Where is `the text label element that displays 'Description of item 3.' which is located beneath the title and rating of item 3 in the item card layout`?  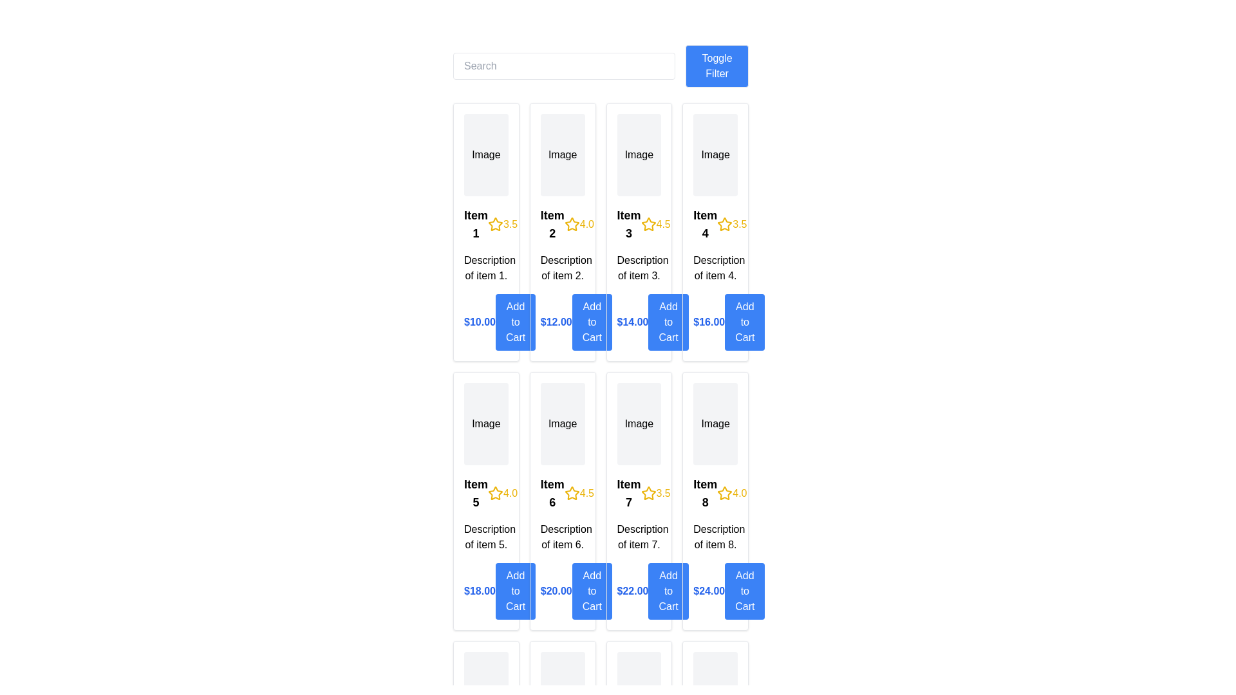 the text label element that displays 'Description of item 3.' which is located beneath the title and rating of item 3 in the item card layout is located at coordinates (639, 267).